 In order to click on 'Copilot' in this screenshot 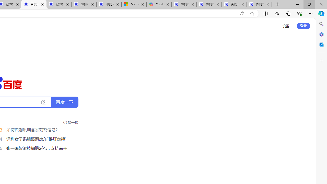, I will do `click(159, 4)`.